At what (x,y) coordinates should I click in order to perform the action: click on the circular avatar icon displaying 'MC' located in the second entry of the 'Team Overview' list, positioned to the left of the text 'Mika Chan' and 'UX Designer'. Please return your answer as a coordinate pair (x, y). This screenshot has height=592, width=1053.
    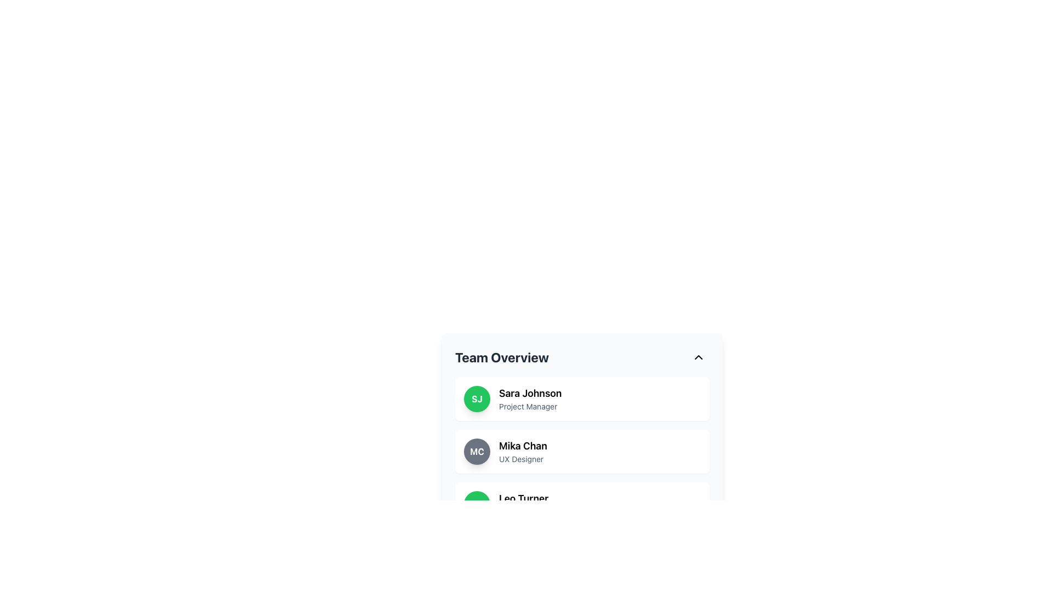
    Looking at the image, I should click on (477, 452).